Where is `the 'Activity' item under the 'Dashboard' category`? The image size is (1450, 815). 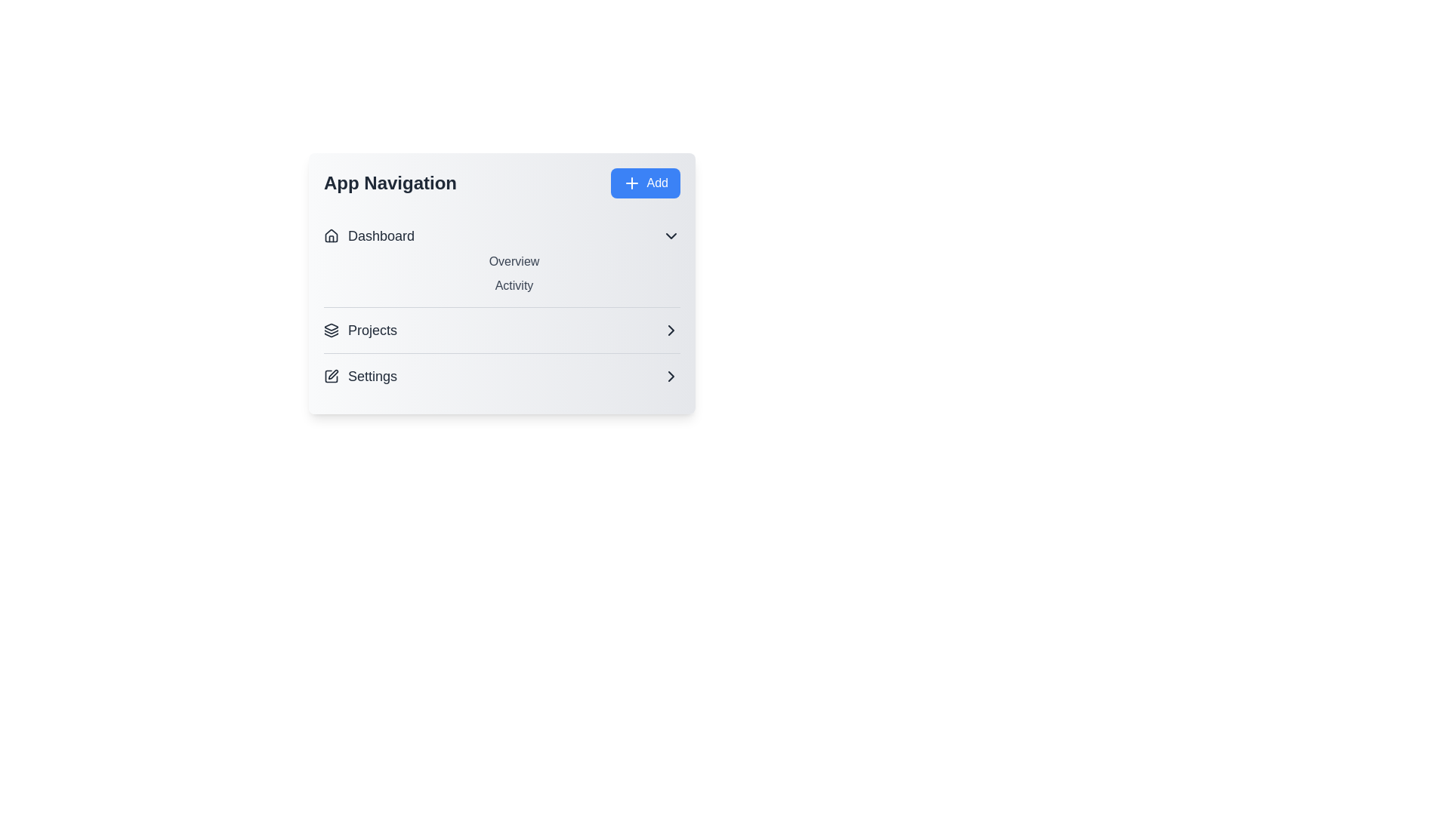
the 'Activity' item under the 'Dashboard' category is located at coordinates (514, 285).